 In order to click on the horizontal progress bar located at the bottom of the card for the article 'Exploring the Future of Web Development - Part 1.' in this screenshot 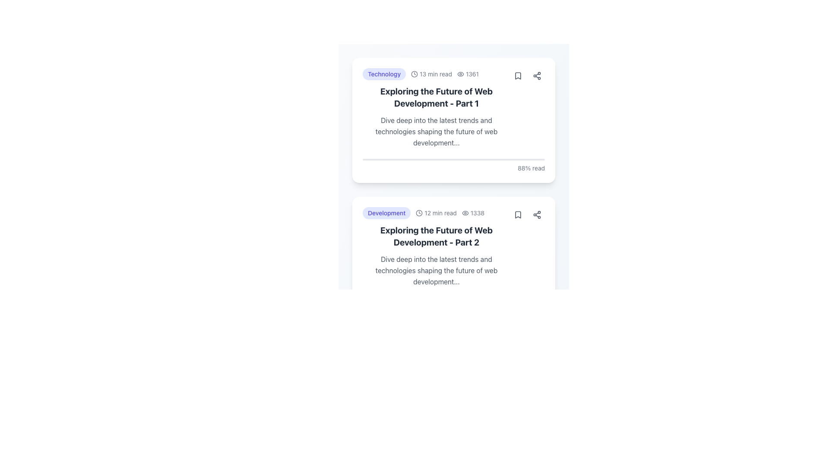, I will do `click(453, 160)`.